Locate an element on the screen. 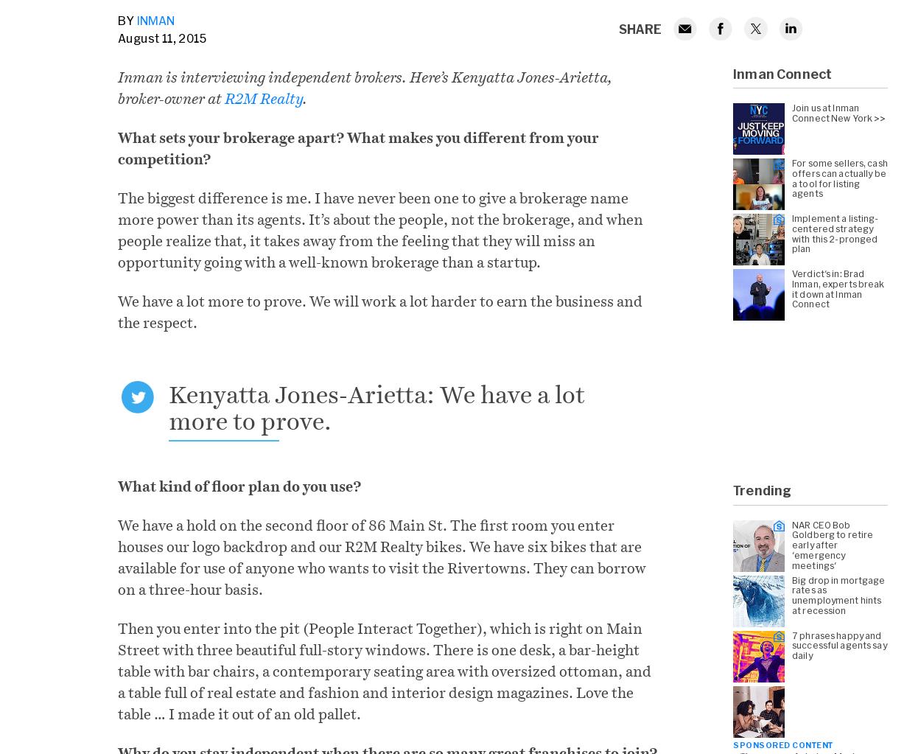 This screenshot has height=754, width=921. '.' is located at coordinates (303, 97).